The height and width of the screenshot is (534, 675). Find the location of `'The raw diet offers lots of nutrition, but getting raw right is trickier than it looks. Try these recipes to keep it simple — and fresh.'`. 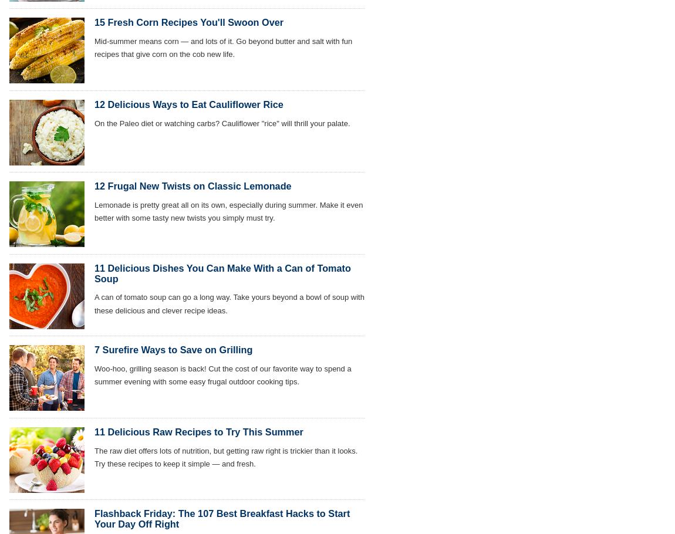

'The raw diet offers lots of nutrition, but getting raw right is trickier than it looks. Try these recipes to keep it simple — and fresh.' is located at coordinates (226, 457).